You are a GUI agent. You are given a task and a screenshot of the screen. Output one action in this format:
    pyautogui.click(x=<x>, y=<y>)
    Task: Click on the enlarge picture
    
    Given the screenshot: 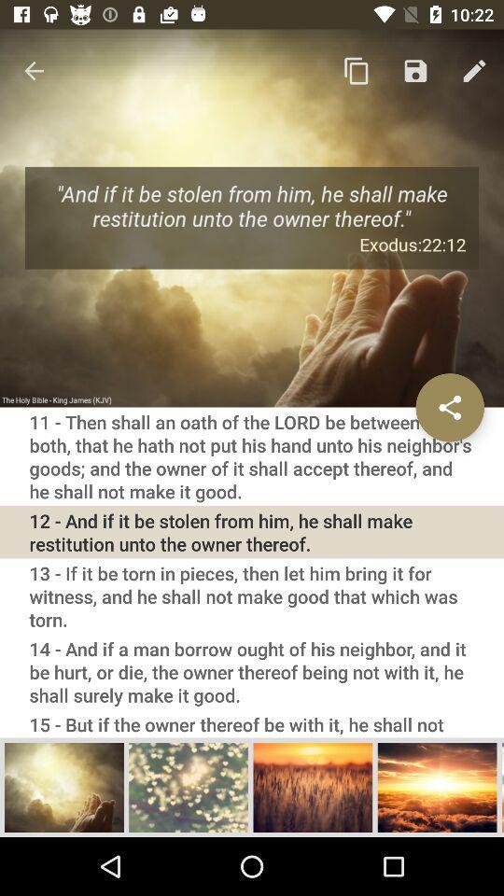 What is the action you would take?
    pyautogui.click(x=437, y=786)
    